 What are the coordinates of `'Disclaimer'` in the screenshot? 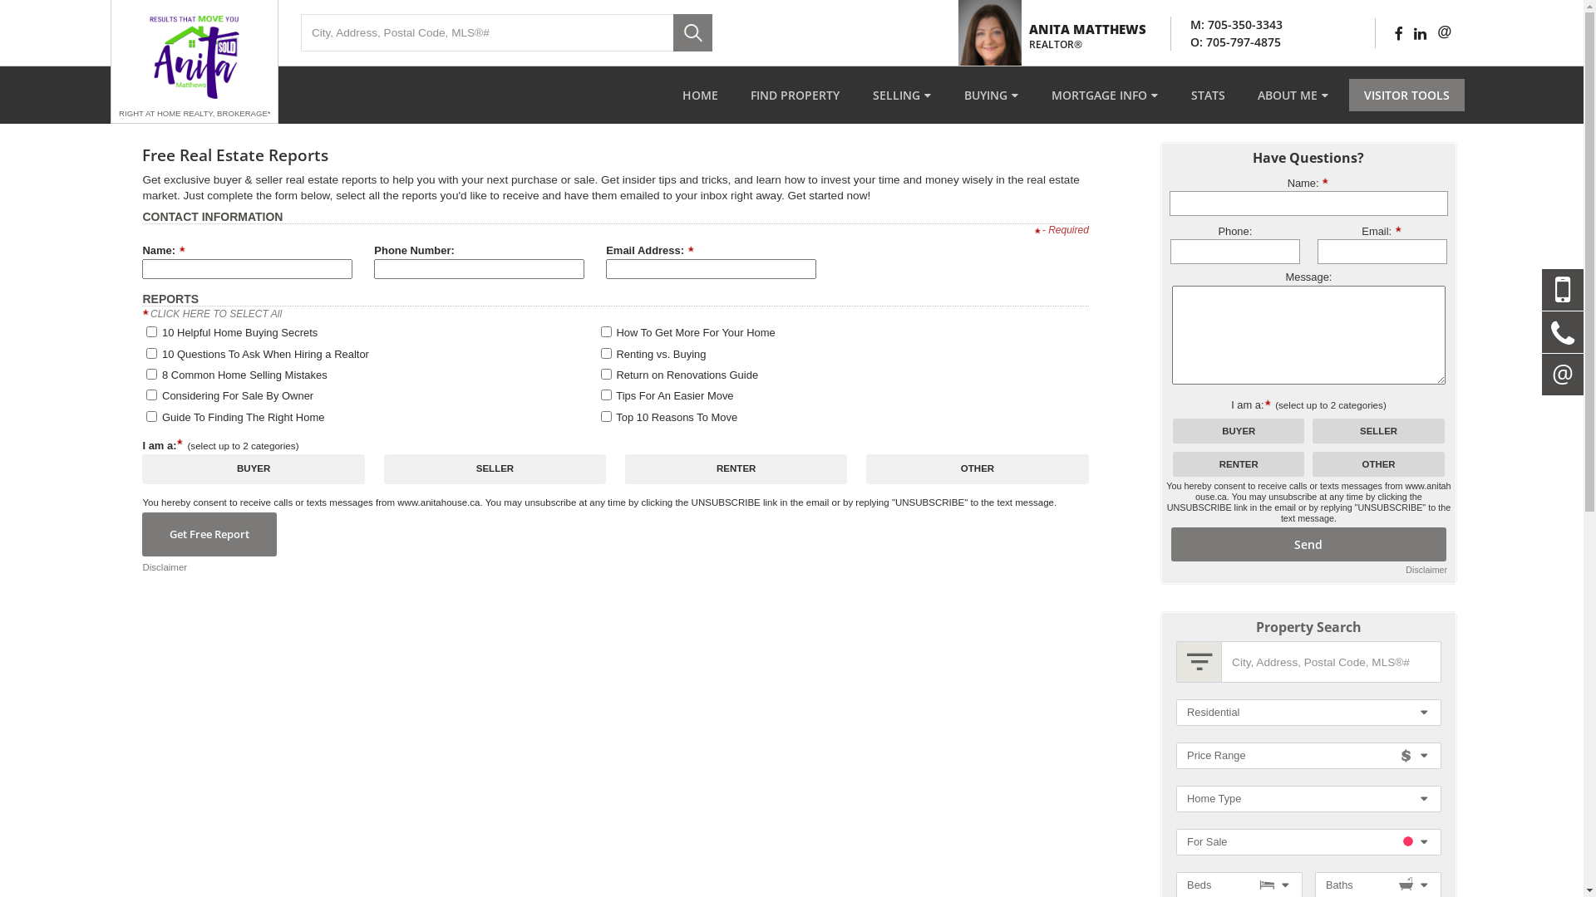 It's located at (1426, 569).